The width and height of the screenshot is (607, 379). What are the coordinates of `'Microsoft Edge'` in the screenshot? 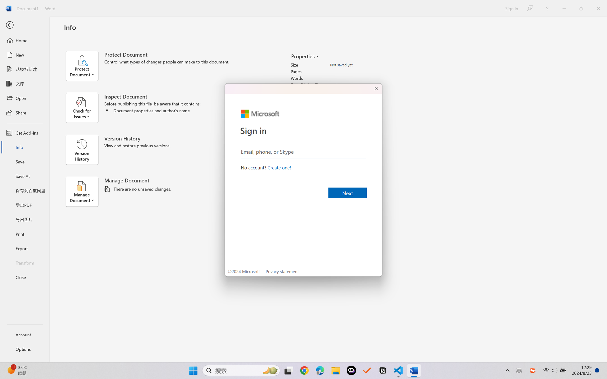 It's located at (320, 370).